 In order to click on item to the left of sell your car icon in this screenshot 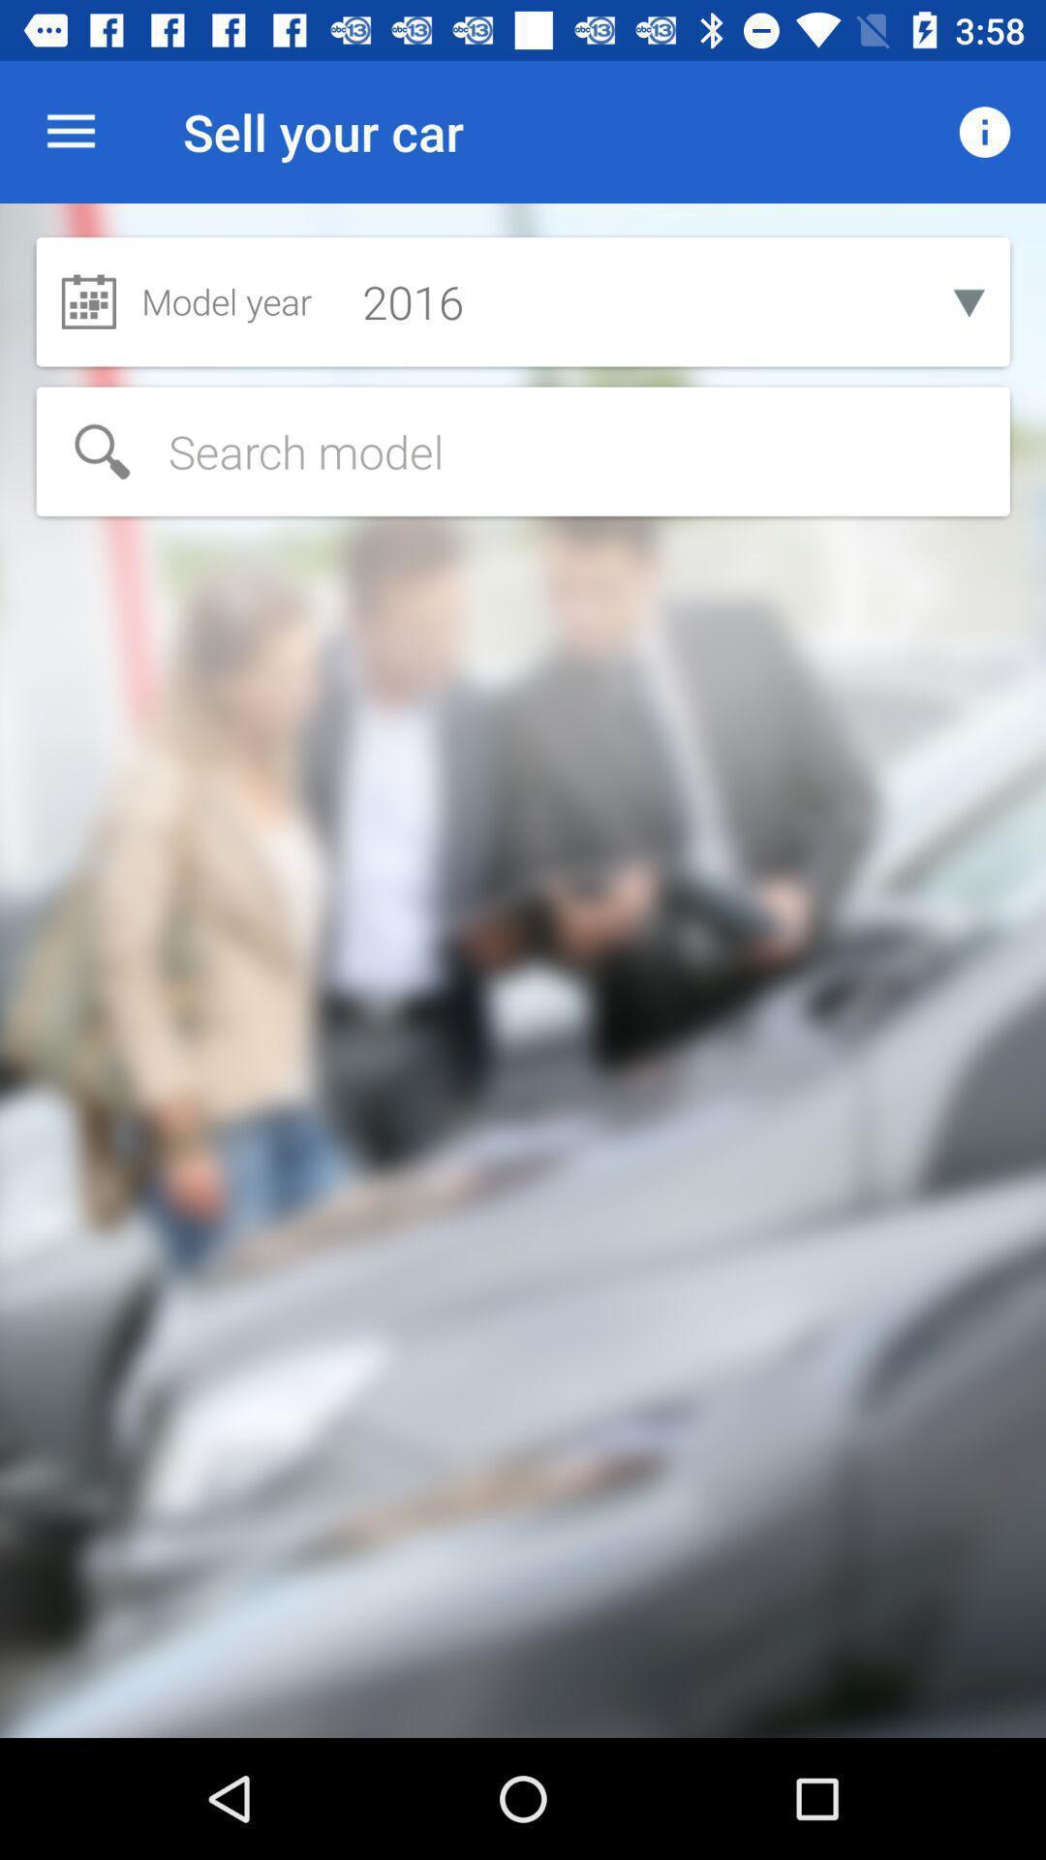, I will do `click(70, 131)`.